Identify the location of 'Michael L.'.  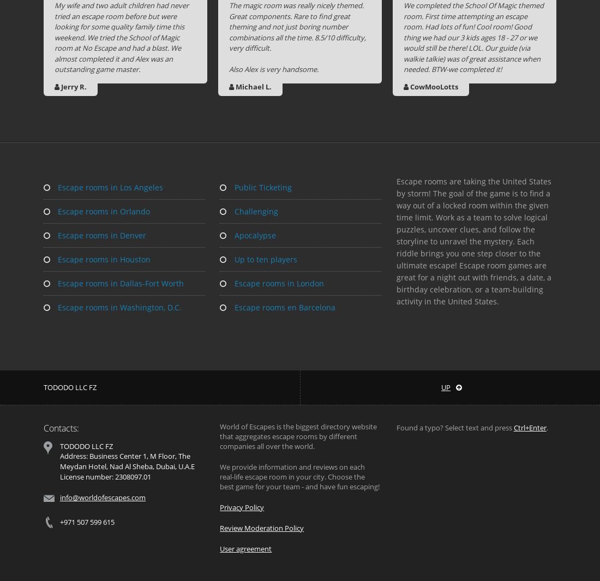
(253, 86).